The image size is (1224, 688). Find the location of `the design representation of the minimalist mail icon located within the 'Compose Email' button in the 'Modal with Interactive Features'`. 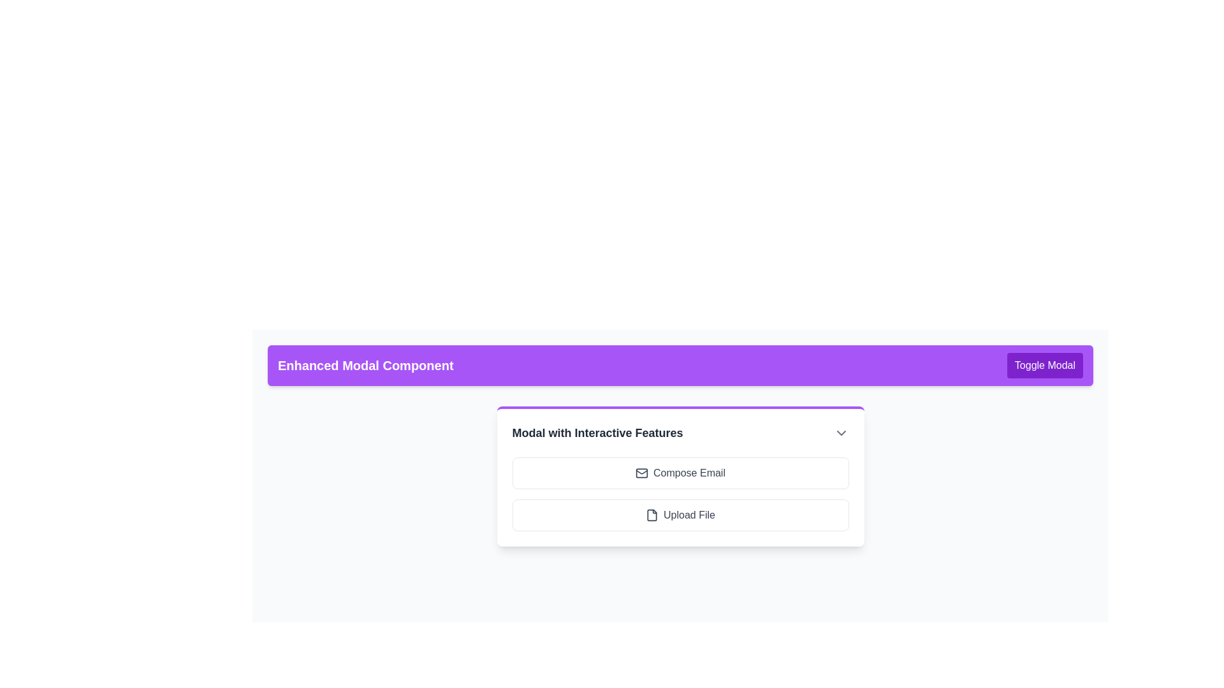

the design representation of the minimalist mail icon located within the 'Compose Email' button in the 'Modal with Interactive Features' is located at coordinates (642, 473).